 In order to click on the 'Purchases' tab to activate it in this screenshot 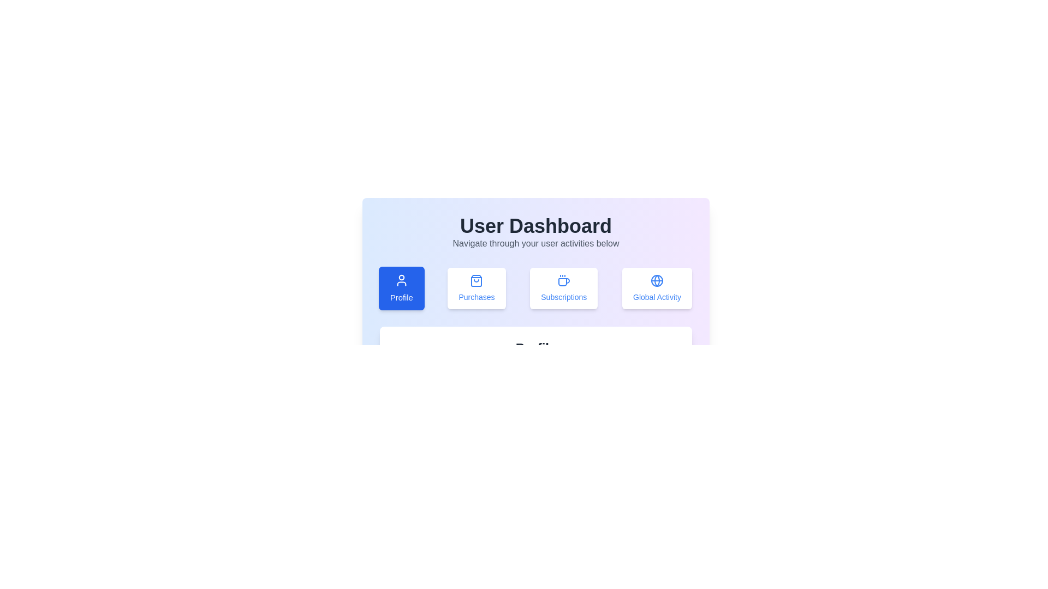, I will do `click(477, 287)`.